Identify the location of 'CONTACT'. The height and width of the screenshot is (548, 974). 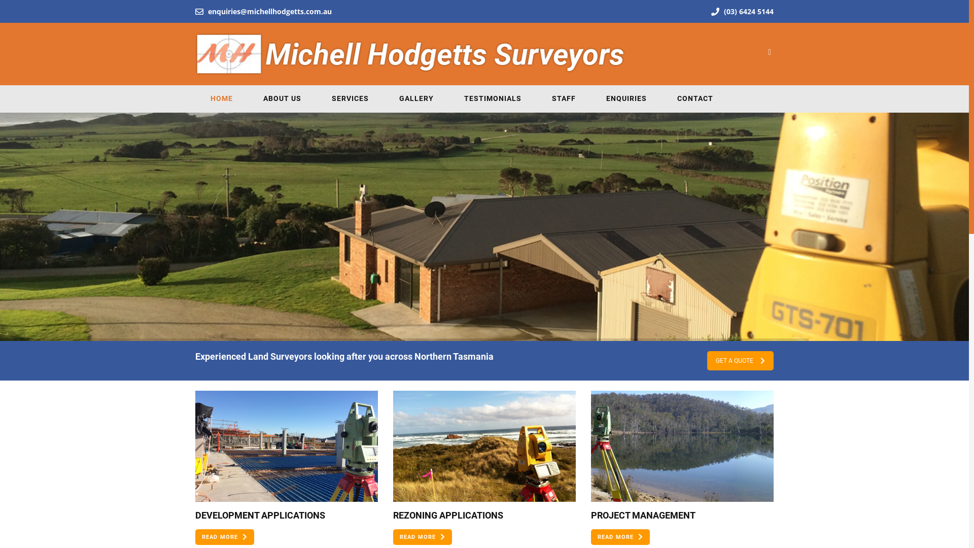
(694, 98).